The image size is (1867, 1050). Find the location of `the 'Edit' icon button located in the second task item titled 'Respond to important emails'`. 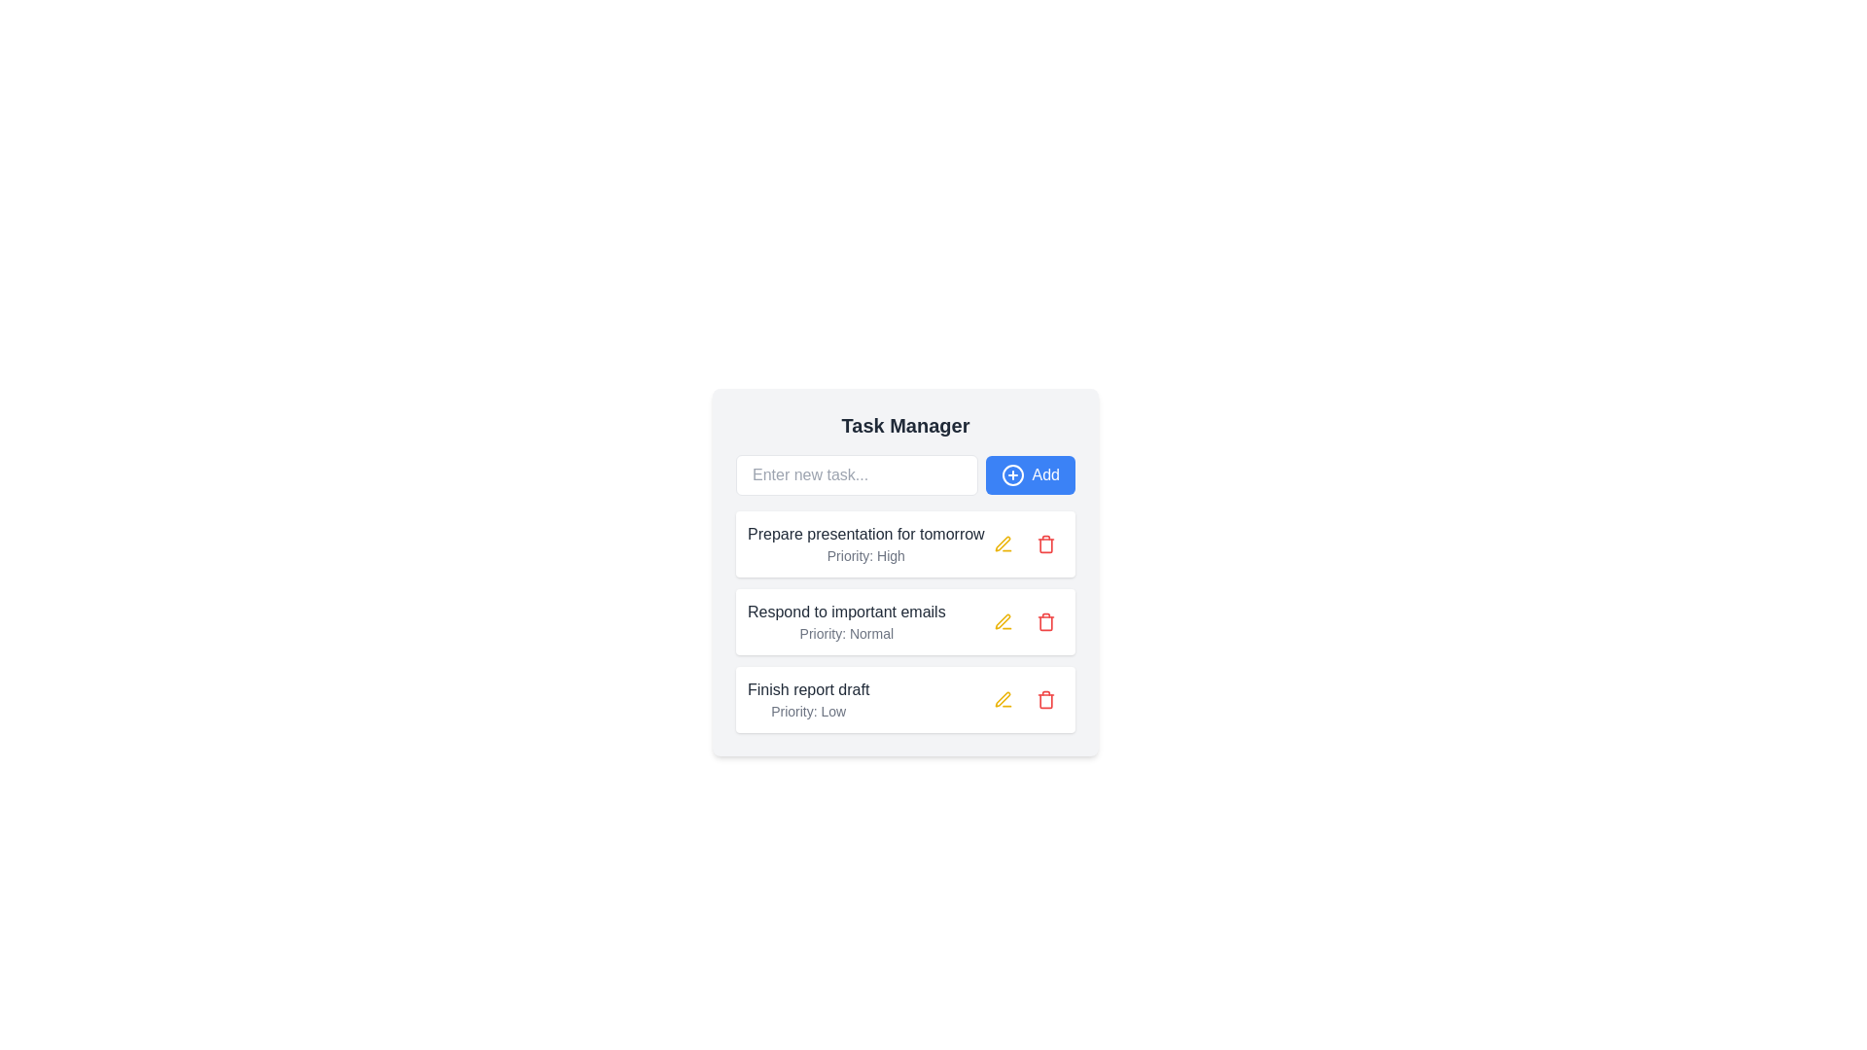

the 'Edit' icon button located in the second task item titled 'Respond to important emails' is located at coordinates (1004, 622).